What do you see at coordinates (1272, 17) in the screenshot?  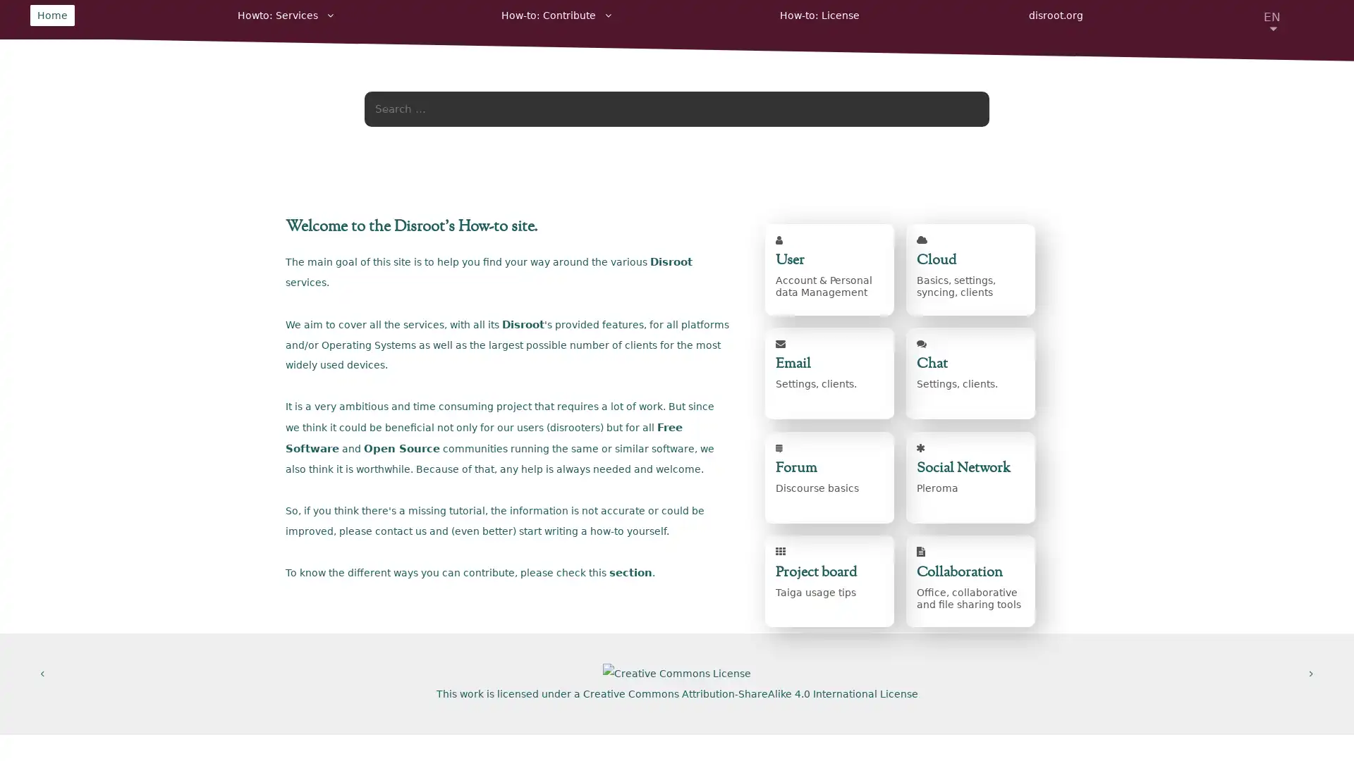 I see `EN` at bounding box center [1272, 17].